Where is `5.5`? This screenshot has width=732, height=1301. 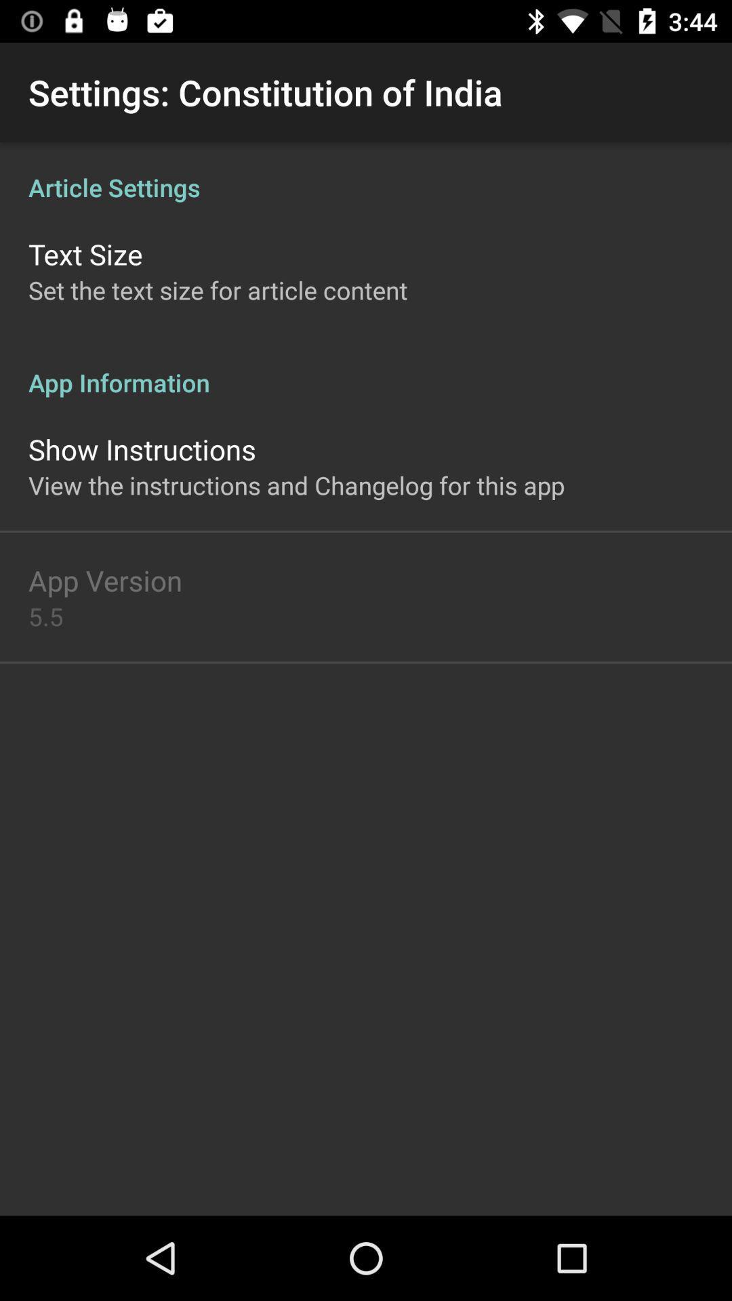
5.5 is located at coordinates (45, 615).